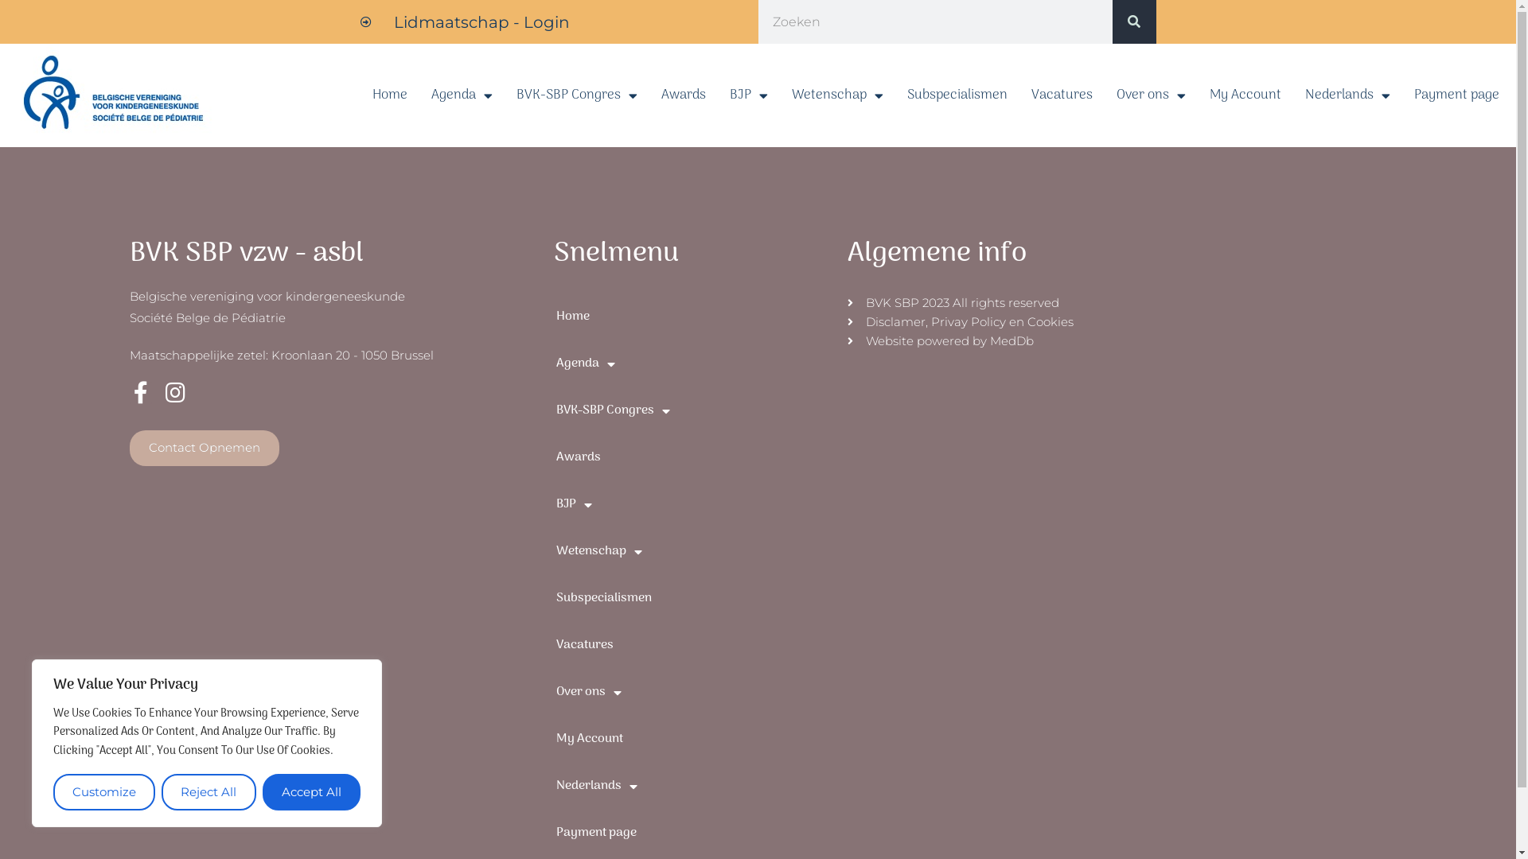 This screenshot has width=1528, height=859. What do you see at coordinates (311, 791) in the screenshot?
I see `'Accept All'` at bounding box center [311, 791].